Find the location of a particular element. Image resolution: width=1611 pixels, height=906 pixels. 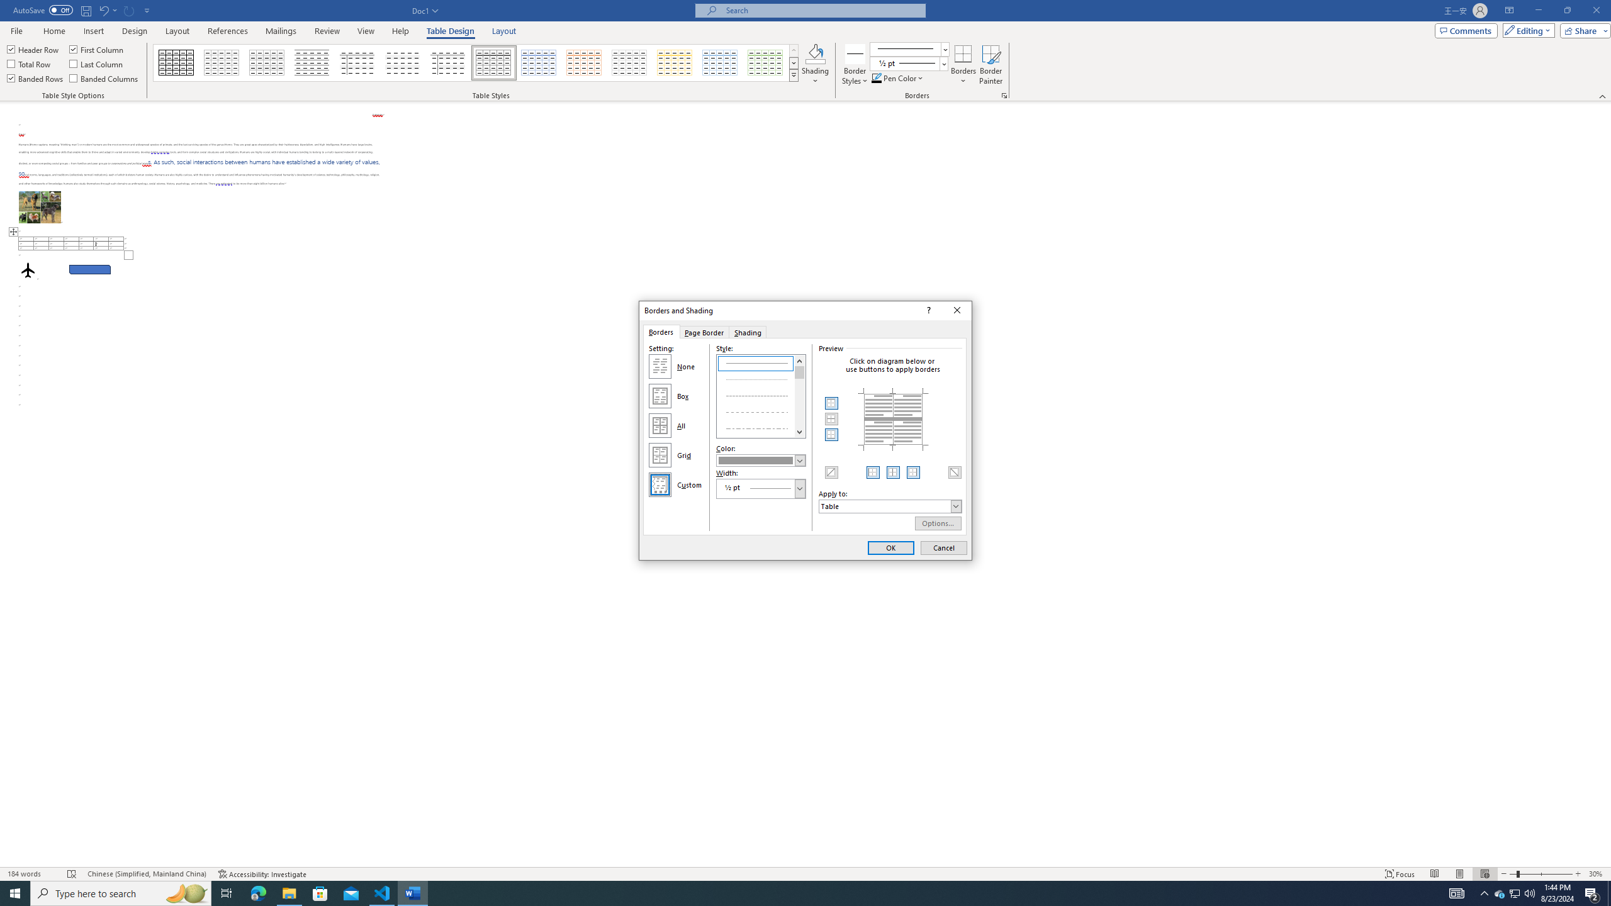

'Restore Down' is located at coordinates (1567, 10).